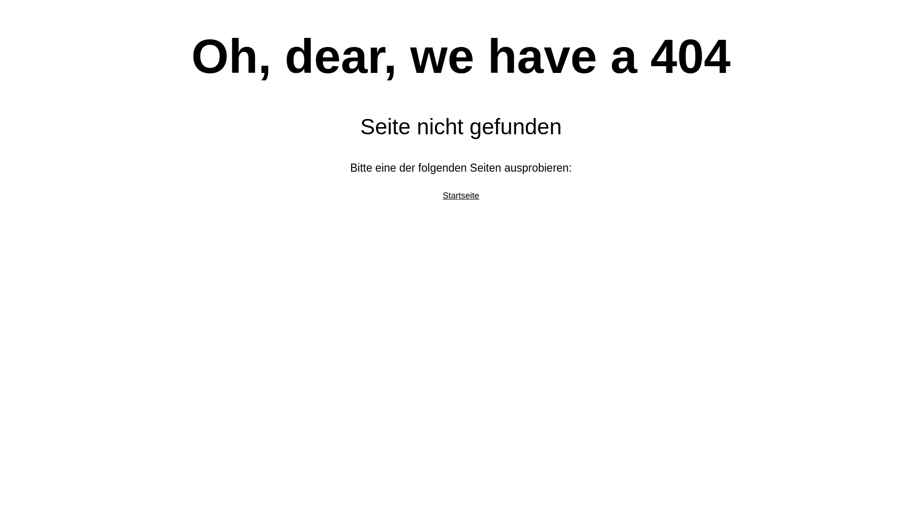 This screenshot has height=518, width=922. I want to click on 'Startseite', so click(442, 195).